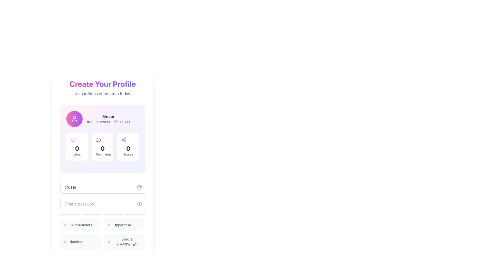  What do you see at coordinates (65, 225) in the screenshot?
I see `the small gray 'X' SVG icon, which is positioned at the top-left corner of the password requirement block mentioning '8+ characters'` at bounding box center [65, 225].